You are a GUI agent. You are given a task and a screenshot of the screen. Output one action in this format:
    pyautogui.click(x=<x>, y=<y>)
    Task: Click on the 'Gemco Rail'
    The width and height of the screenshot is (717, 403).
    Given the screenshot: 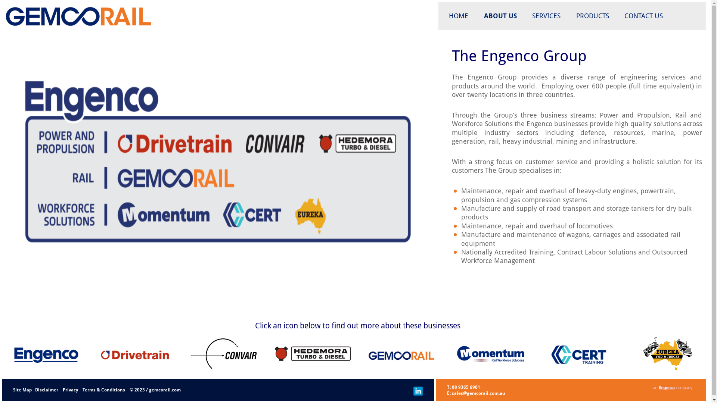 What is the action you would take?
    pyautogui.click(x=36, y=43)
    